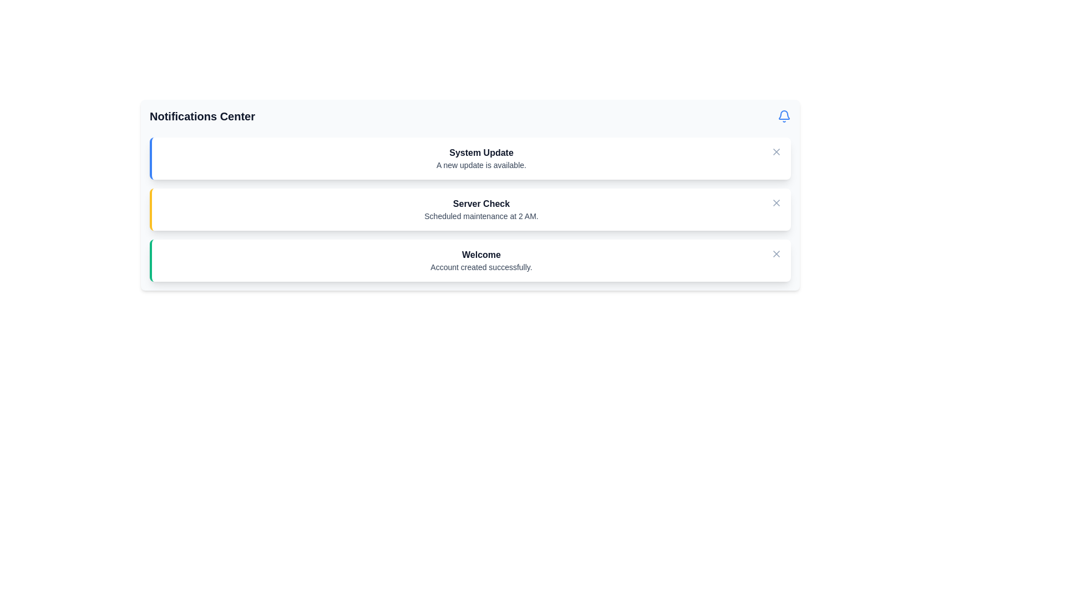 This screenshot has height=599, width=1065. Describe the element at coordinates (481, 216) in the screenshot. I see `text element displaying 'Scheduled maintenance at 2 AM.' located under the heading 'Server Check' in the second notification card` at that location.